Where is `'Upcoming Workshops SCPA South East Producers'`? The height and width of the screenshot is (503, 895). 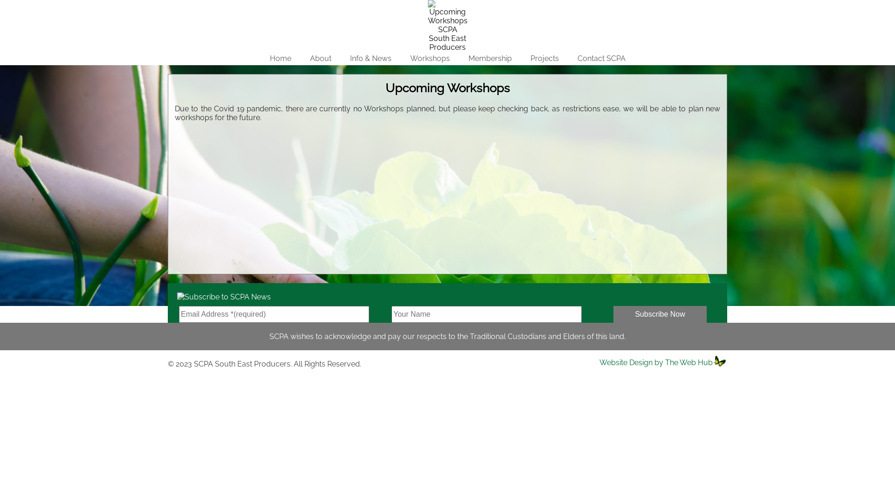 'Upcoming Workshops SCPA South East Producers' is located at coordinates (447, 25).